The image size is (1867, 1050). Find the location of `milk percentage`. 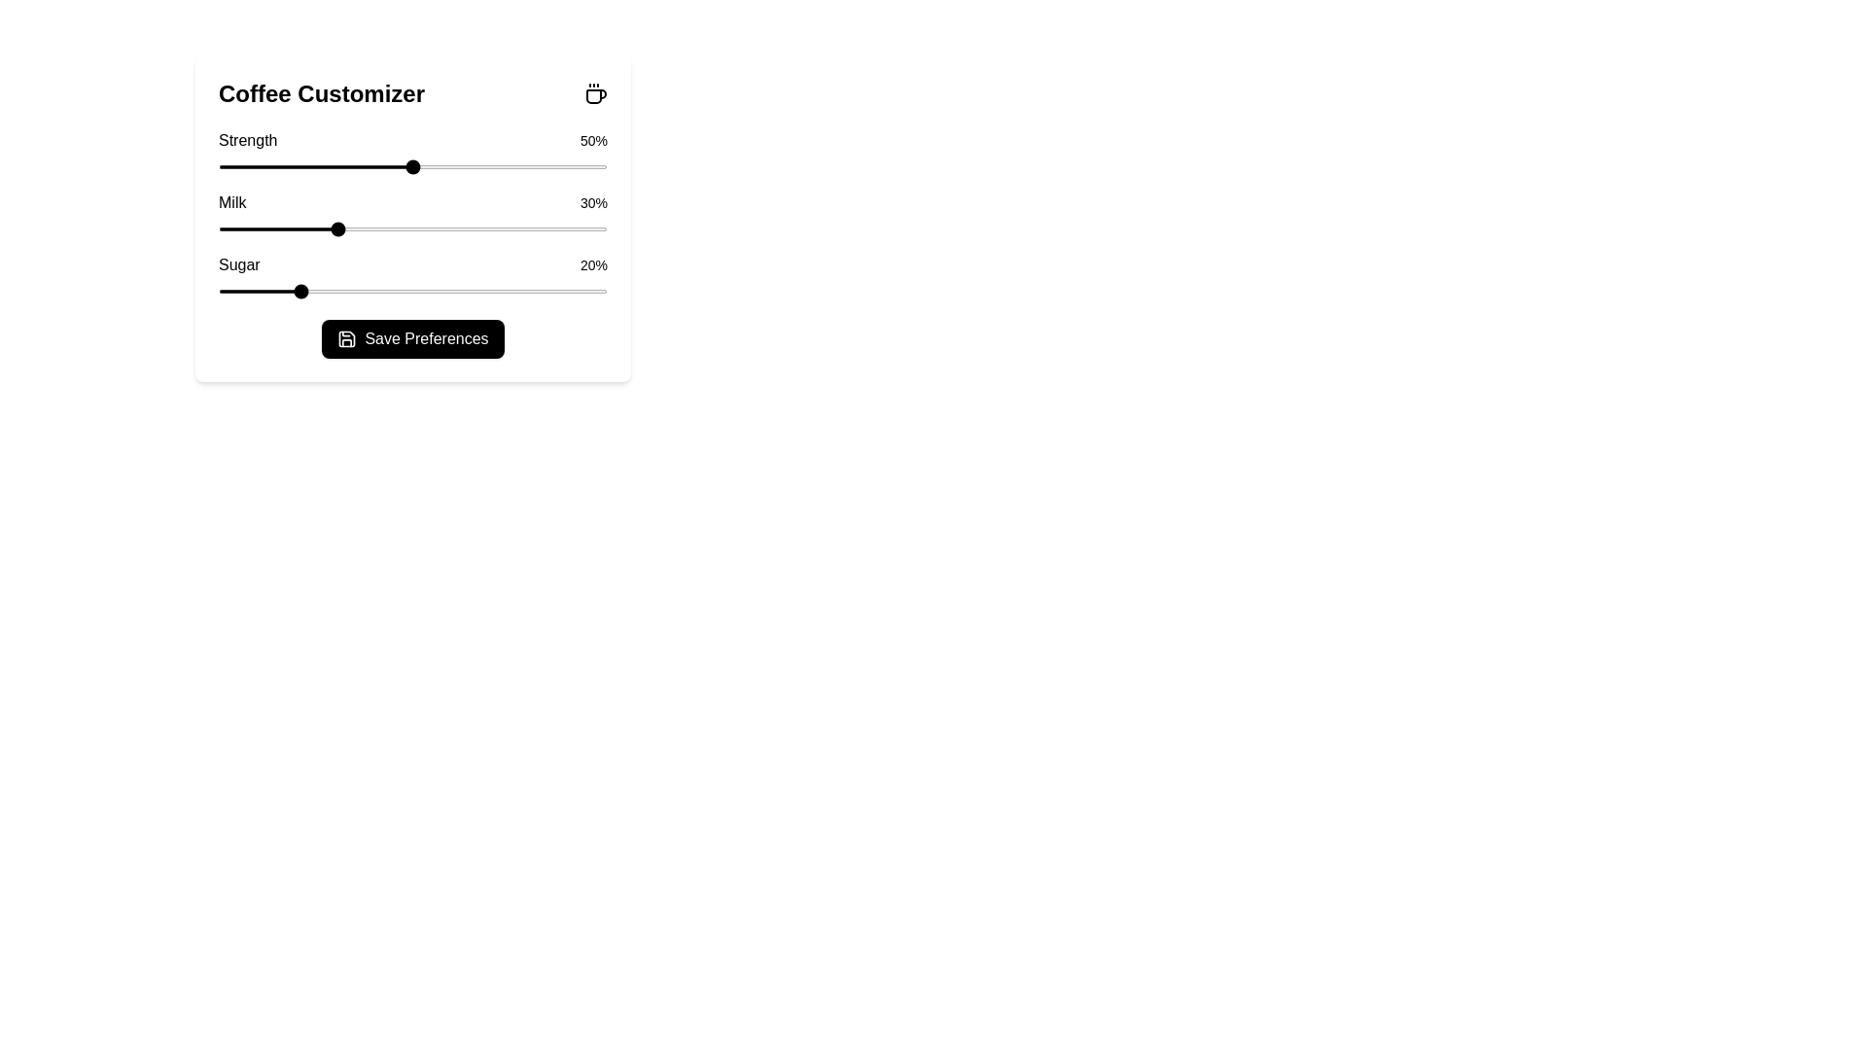

milk percentage is located at coordinates (479, 227).